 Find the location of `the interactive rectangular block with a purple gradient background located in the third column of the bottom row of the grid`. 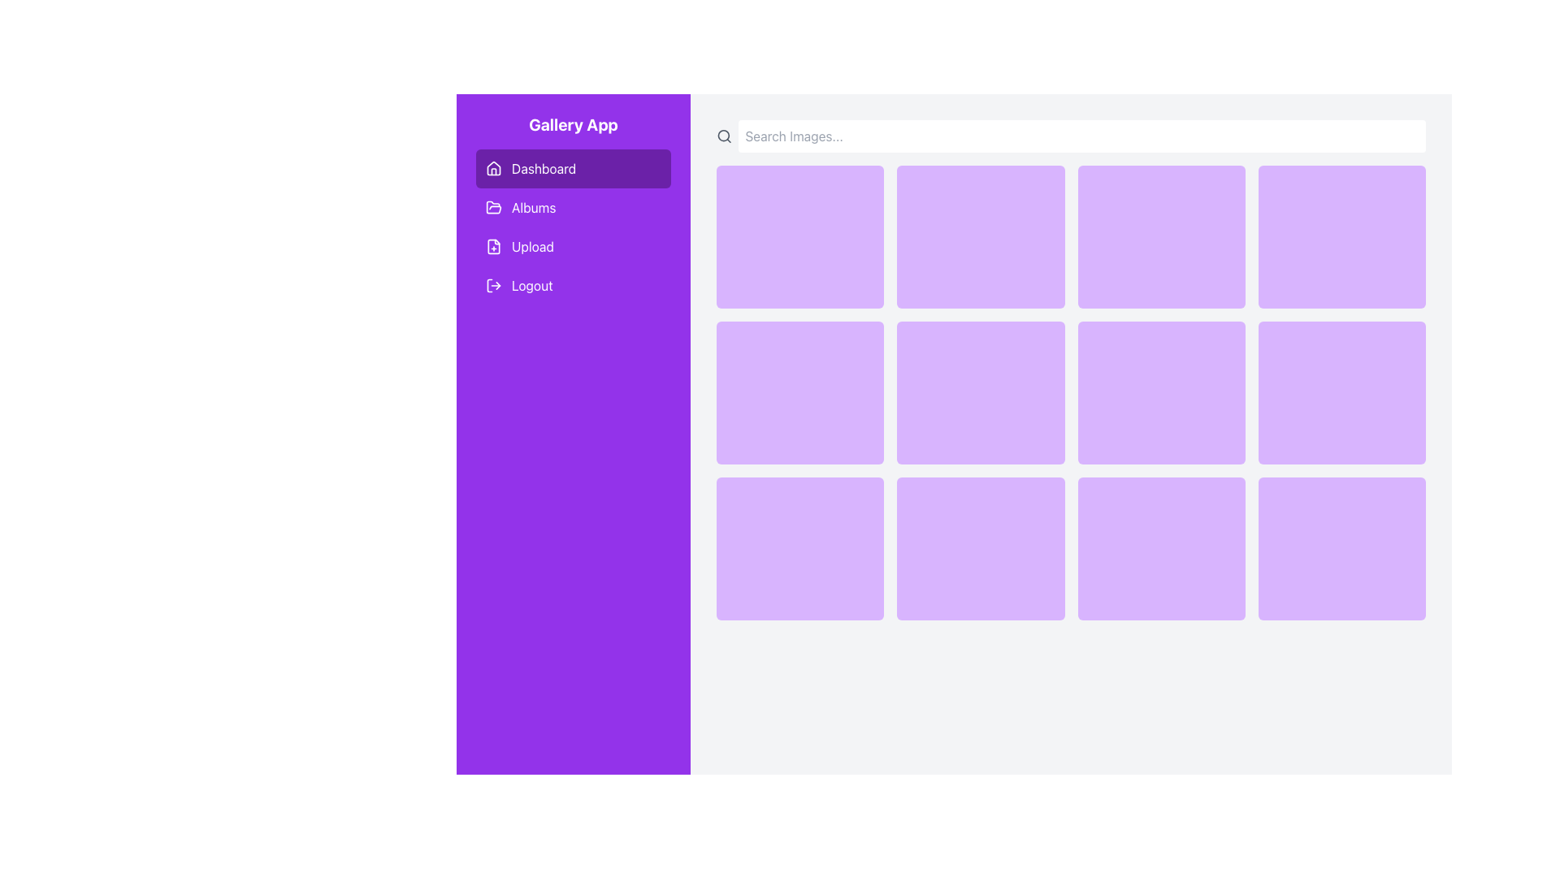

the interactive rectangular block with a purple gradient background located in the third column of the bottom row of the grid is located at coordinates (1160, 548).